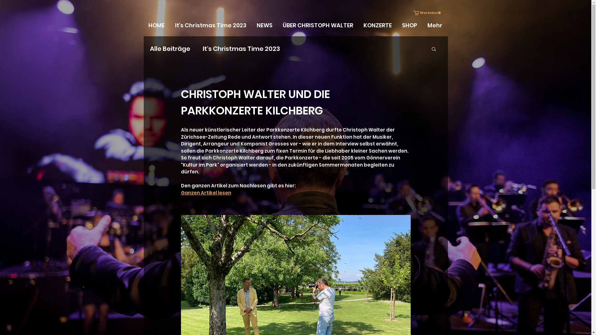 This screenshot has height=335, width=596. Describe the element at coordinates (427, 13) in the screenshot. I see `'Warenkorb` at that location.